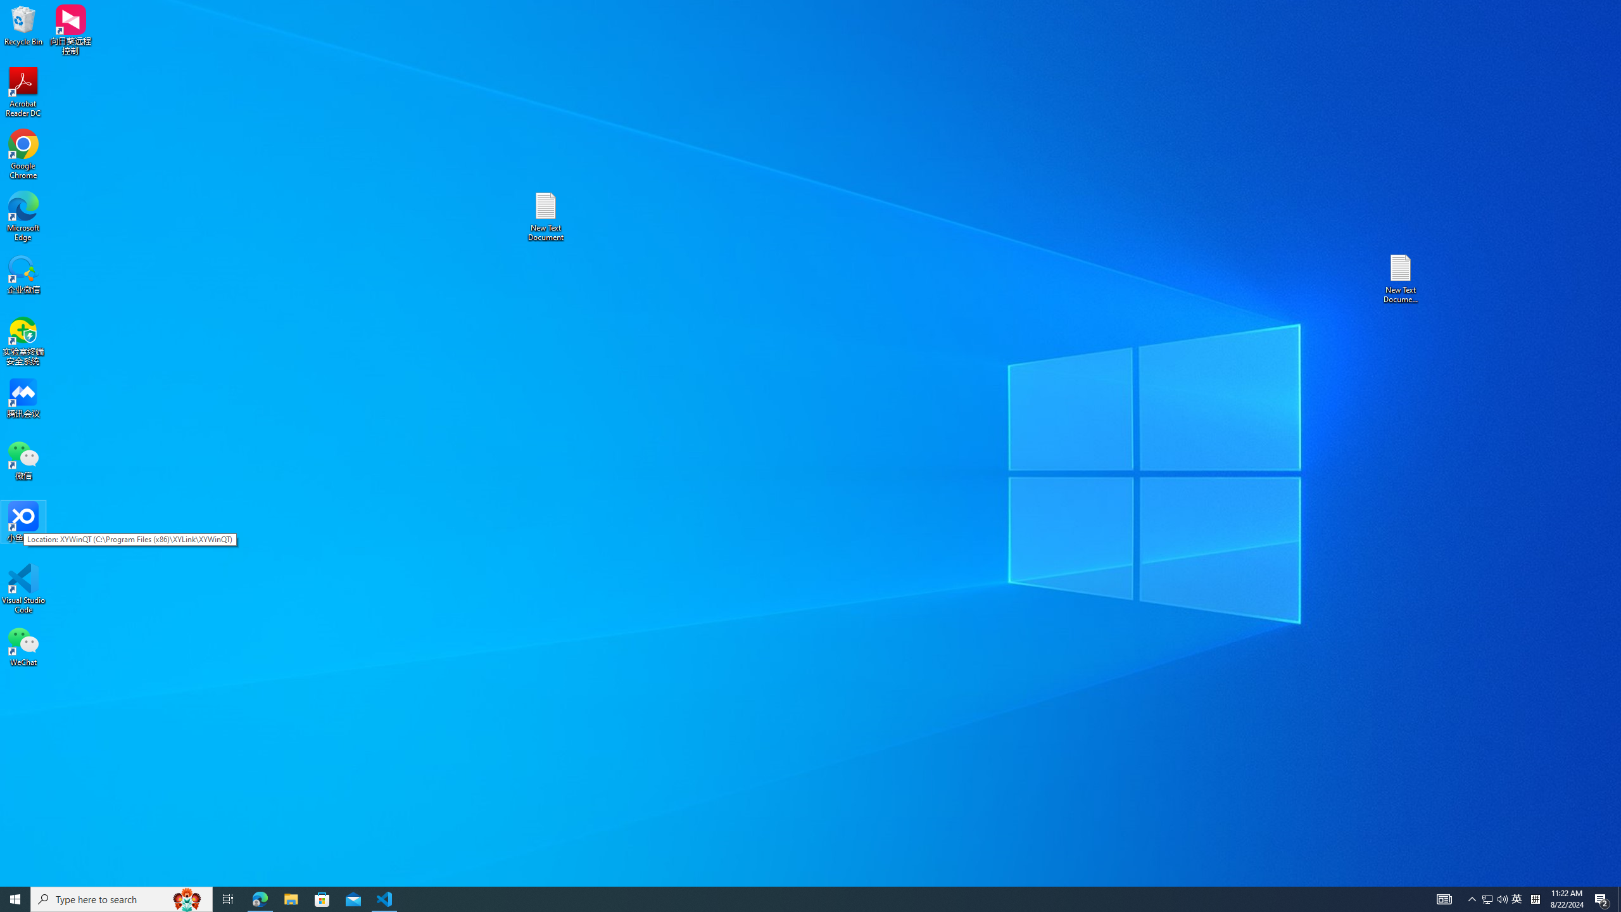 This screenshot has width=1621, height=912. Describe the element at coordinates (1494, 898) in the screenshot. I see `'User Promoted Notification Area'` at that location.